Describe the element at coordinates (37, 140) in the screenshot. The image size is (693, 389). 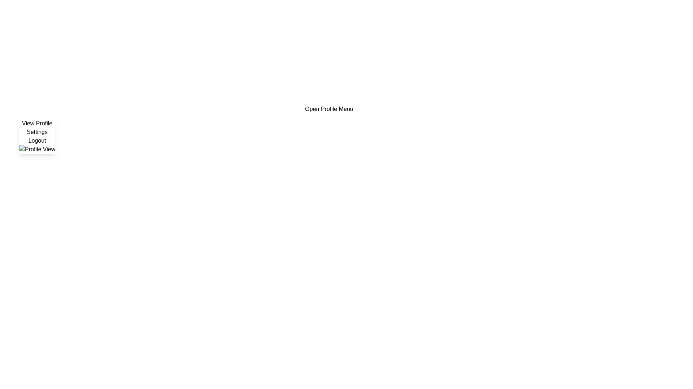
I see `the 'Logout' menu item` at that location.